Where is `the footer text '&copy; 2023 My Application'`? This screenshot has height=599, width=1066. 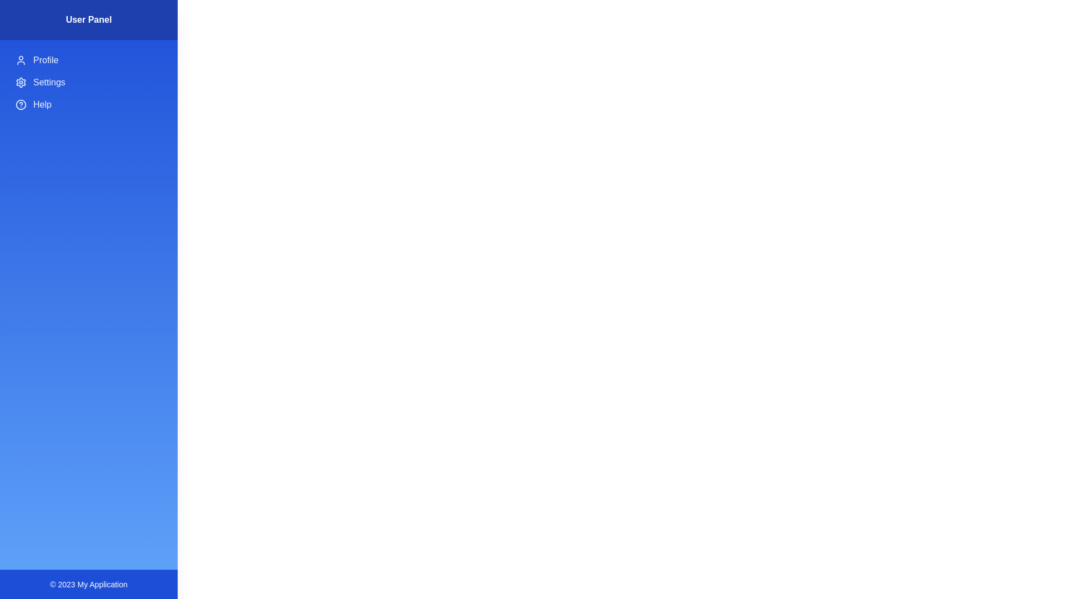
the footer text '&copy; 2023 My Application' is located at coordinates (88, 583).